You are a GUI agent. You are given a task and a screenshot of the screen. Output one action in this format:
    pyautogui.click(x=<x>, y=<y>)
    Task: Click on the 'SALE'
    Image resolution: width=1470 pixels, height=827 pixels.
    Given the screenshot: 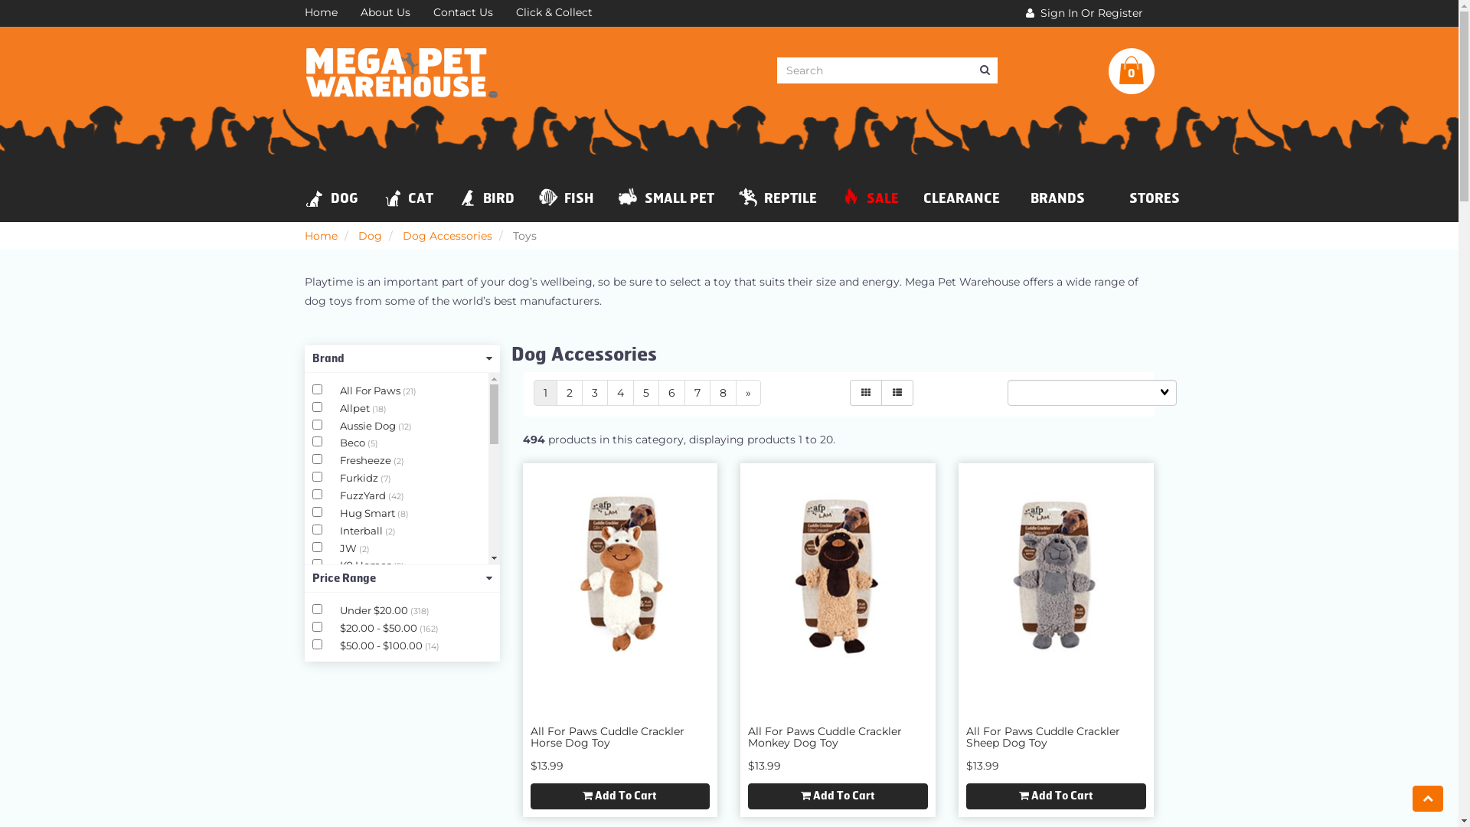 What is the action you would take?
    pyautogui.click(x=869, y=198)
    